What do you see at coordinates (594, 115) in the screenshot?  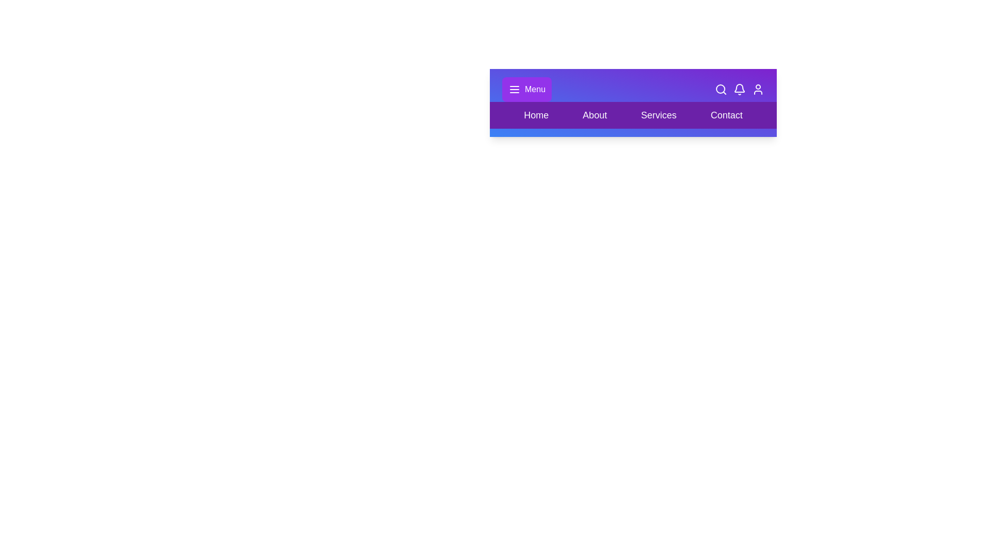 I see `the element About to highlight it` at bounding box center [594, 115].